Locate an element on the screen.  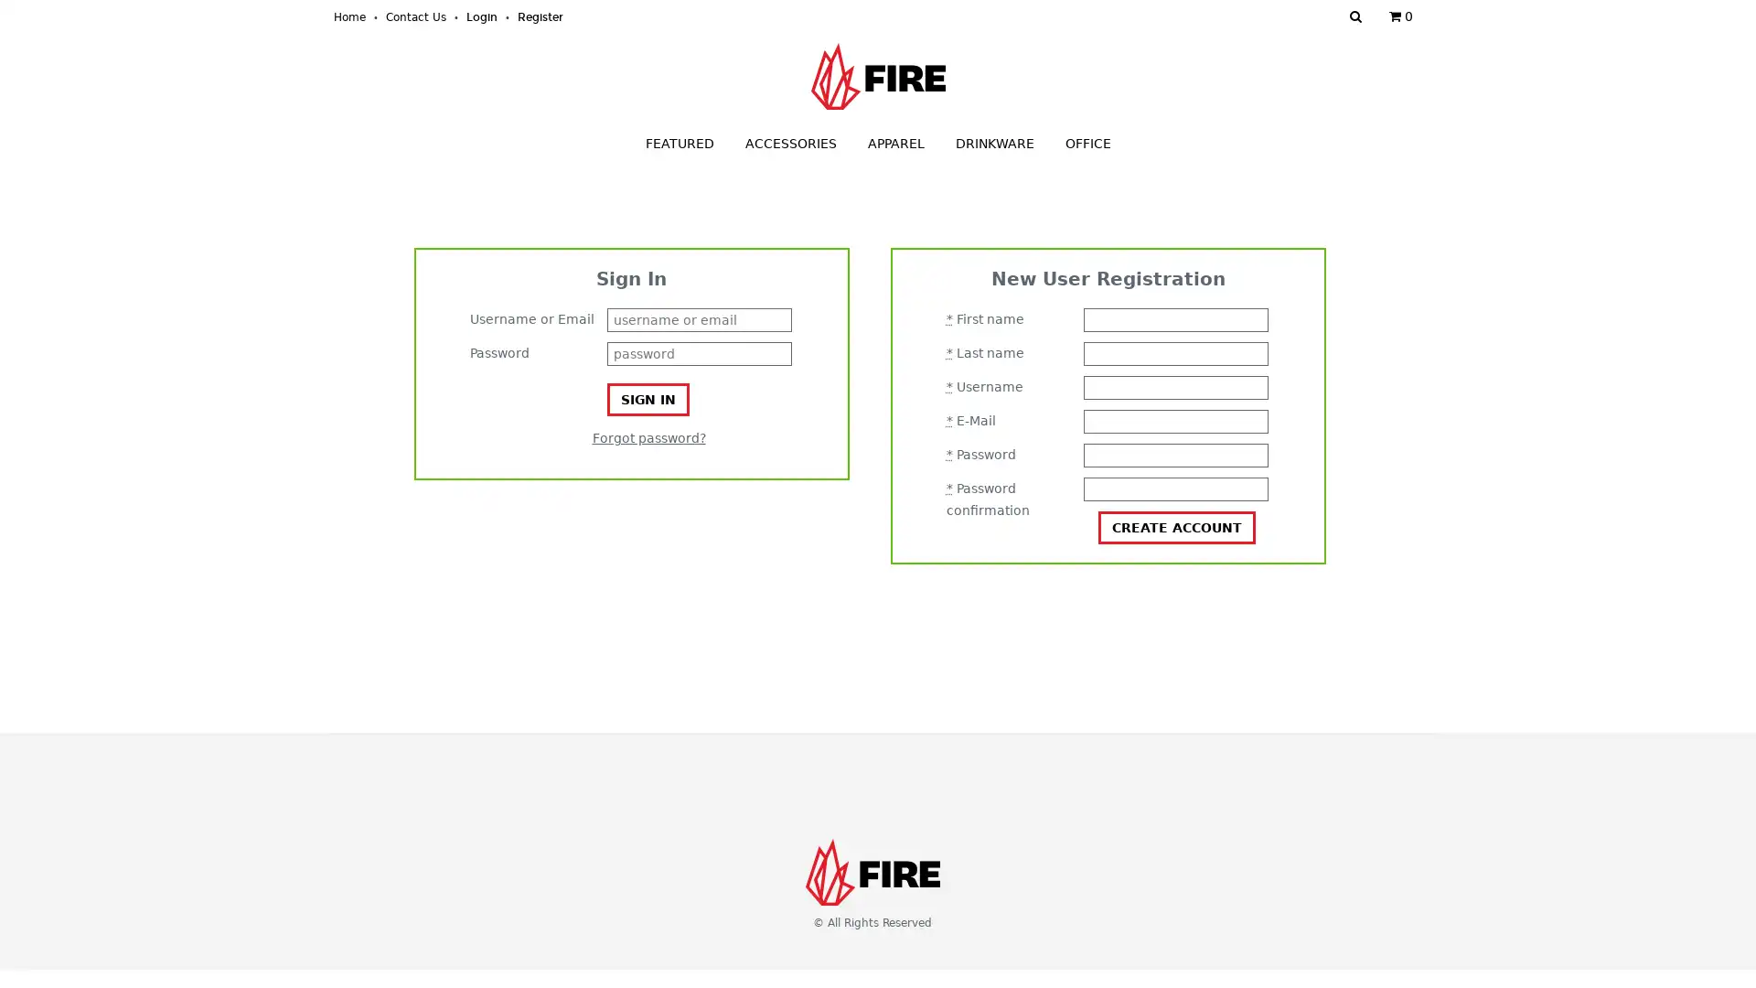
Sign in is located at coordinates (648, 398).